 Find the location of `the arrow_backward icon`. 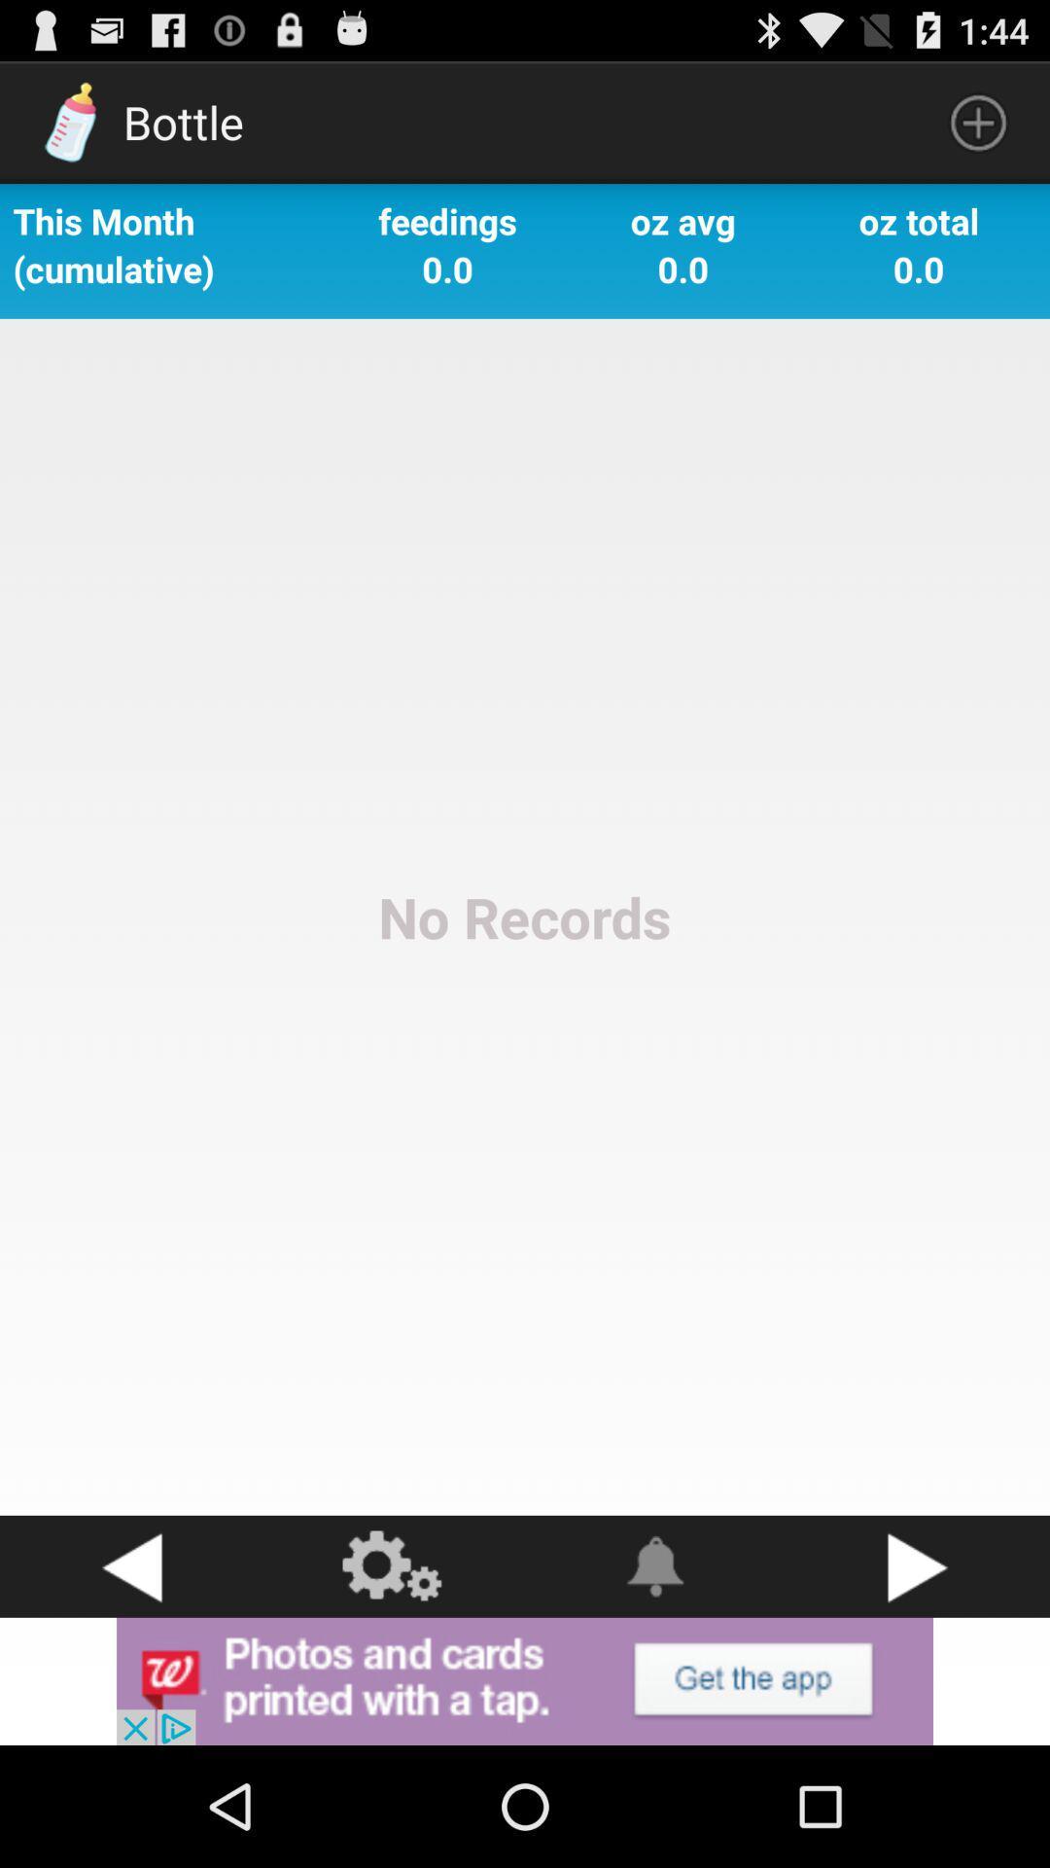

the arrow_backward icon is located at coordinates (131, 1675).